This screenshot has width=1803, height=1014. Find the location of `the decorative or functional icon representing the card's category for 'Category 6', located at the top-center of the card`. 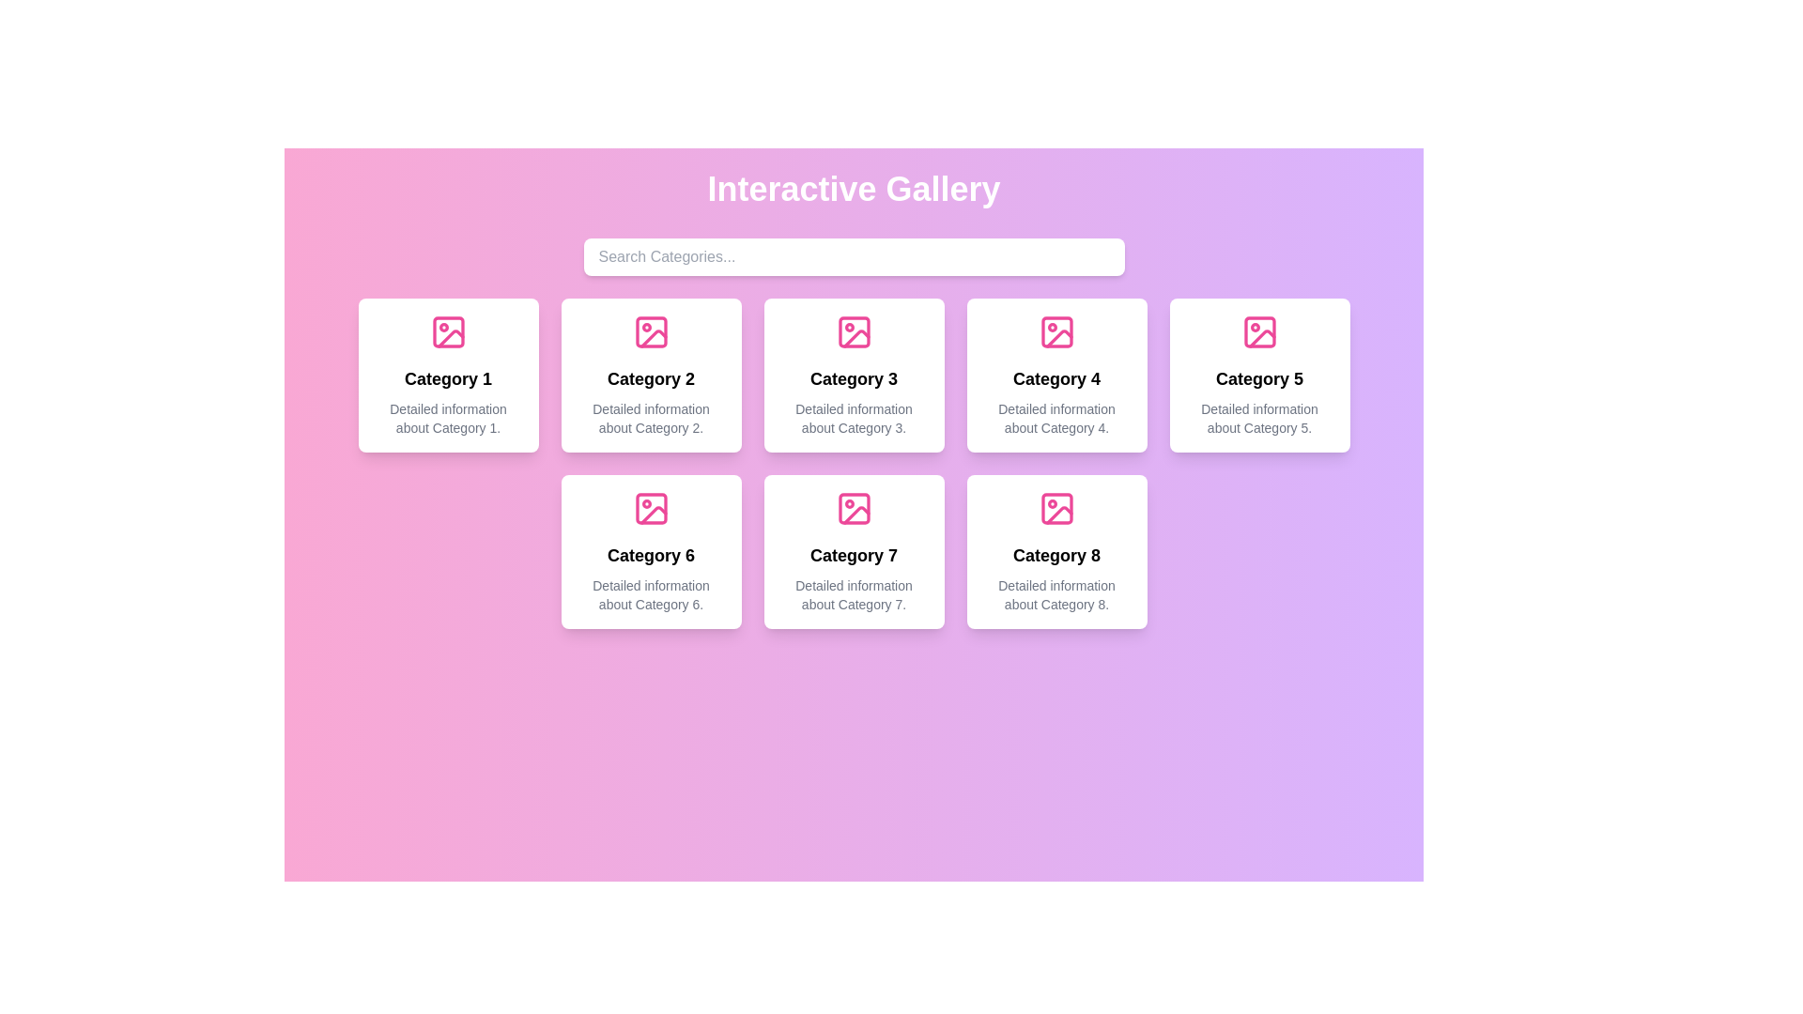

the decorative or functional icon representing the card's category for 'Category 6', located at the top-center of the card is located at coordinates (651, 509).